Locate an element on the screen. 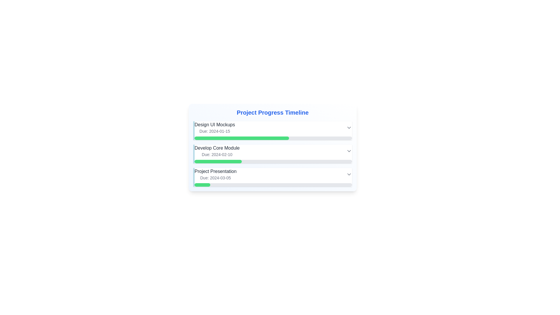  the 'Develop Core Module' task block, which displays task information with a bold title and a due date, located in the project status interface is located at coordinates (273, 150).